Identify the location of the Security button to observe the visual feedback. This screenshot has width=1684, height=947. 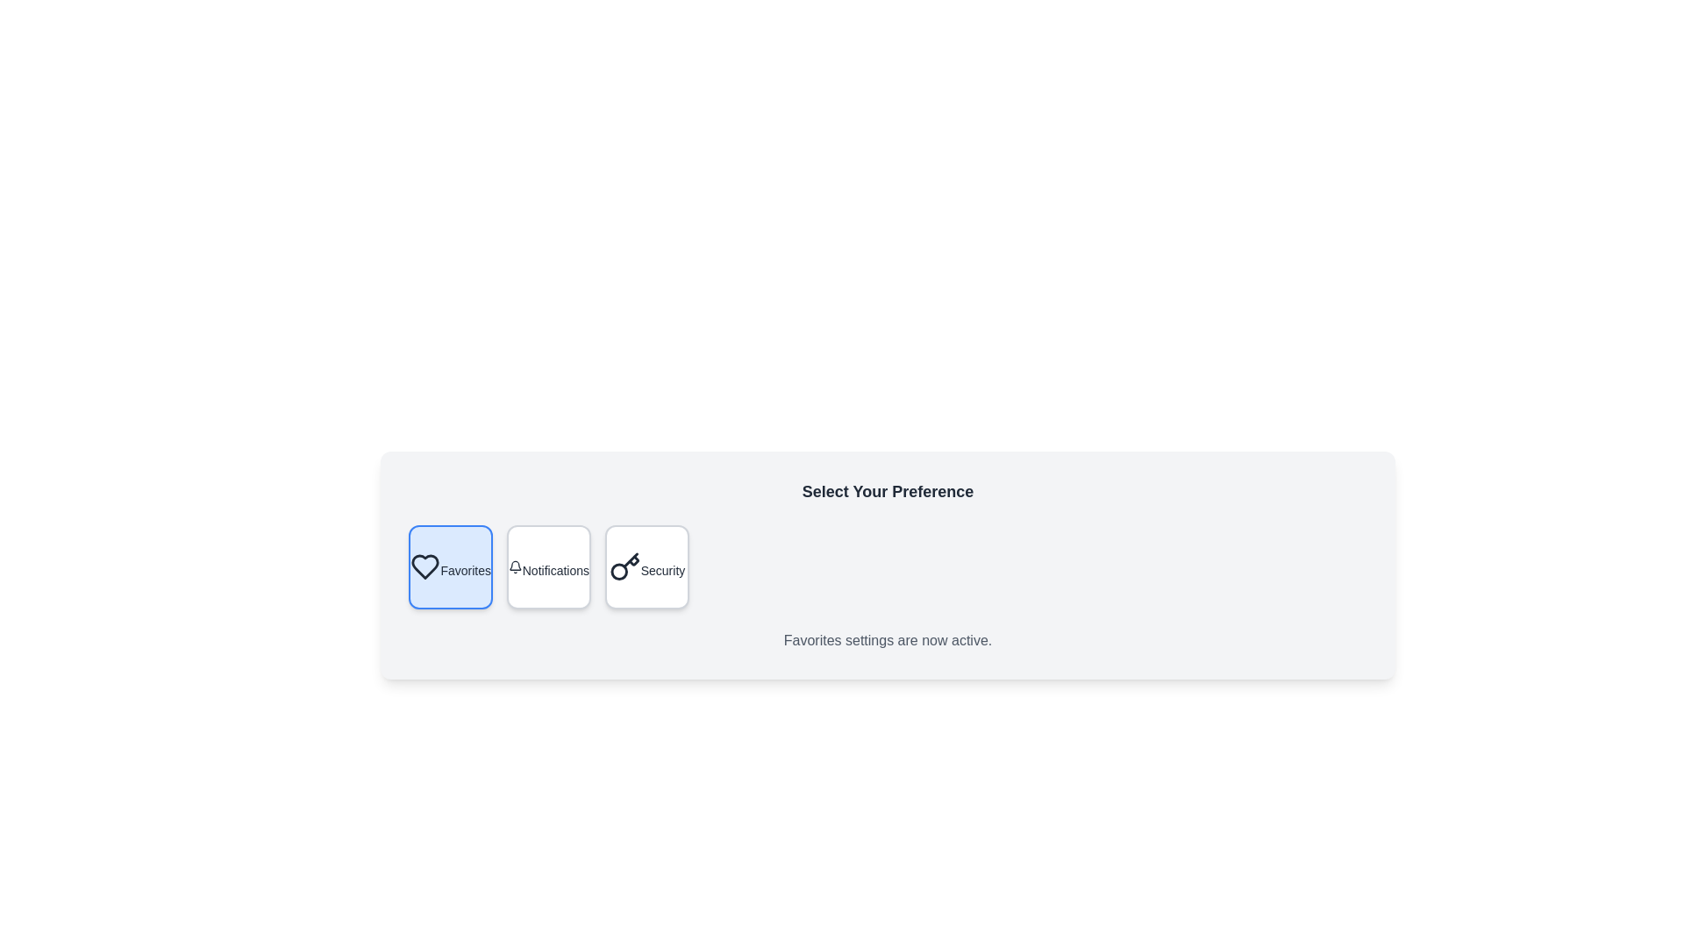
(646, 567).